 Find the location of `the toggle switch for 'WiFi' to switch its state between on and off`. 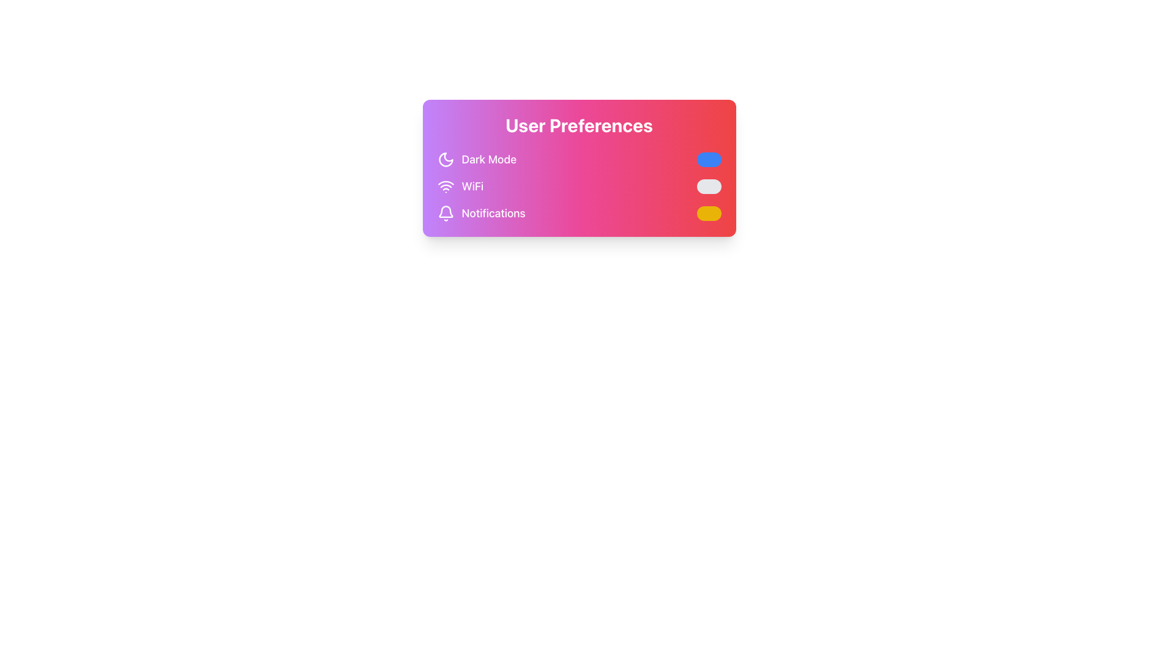

the toggle switch for 'WiFi' to switch its state between on and off is located at coordinates (709, 186).